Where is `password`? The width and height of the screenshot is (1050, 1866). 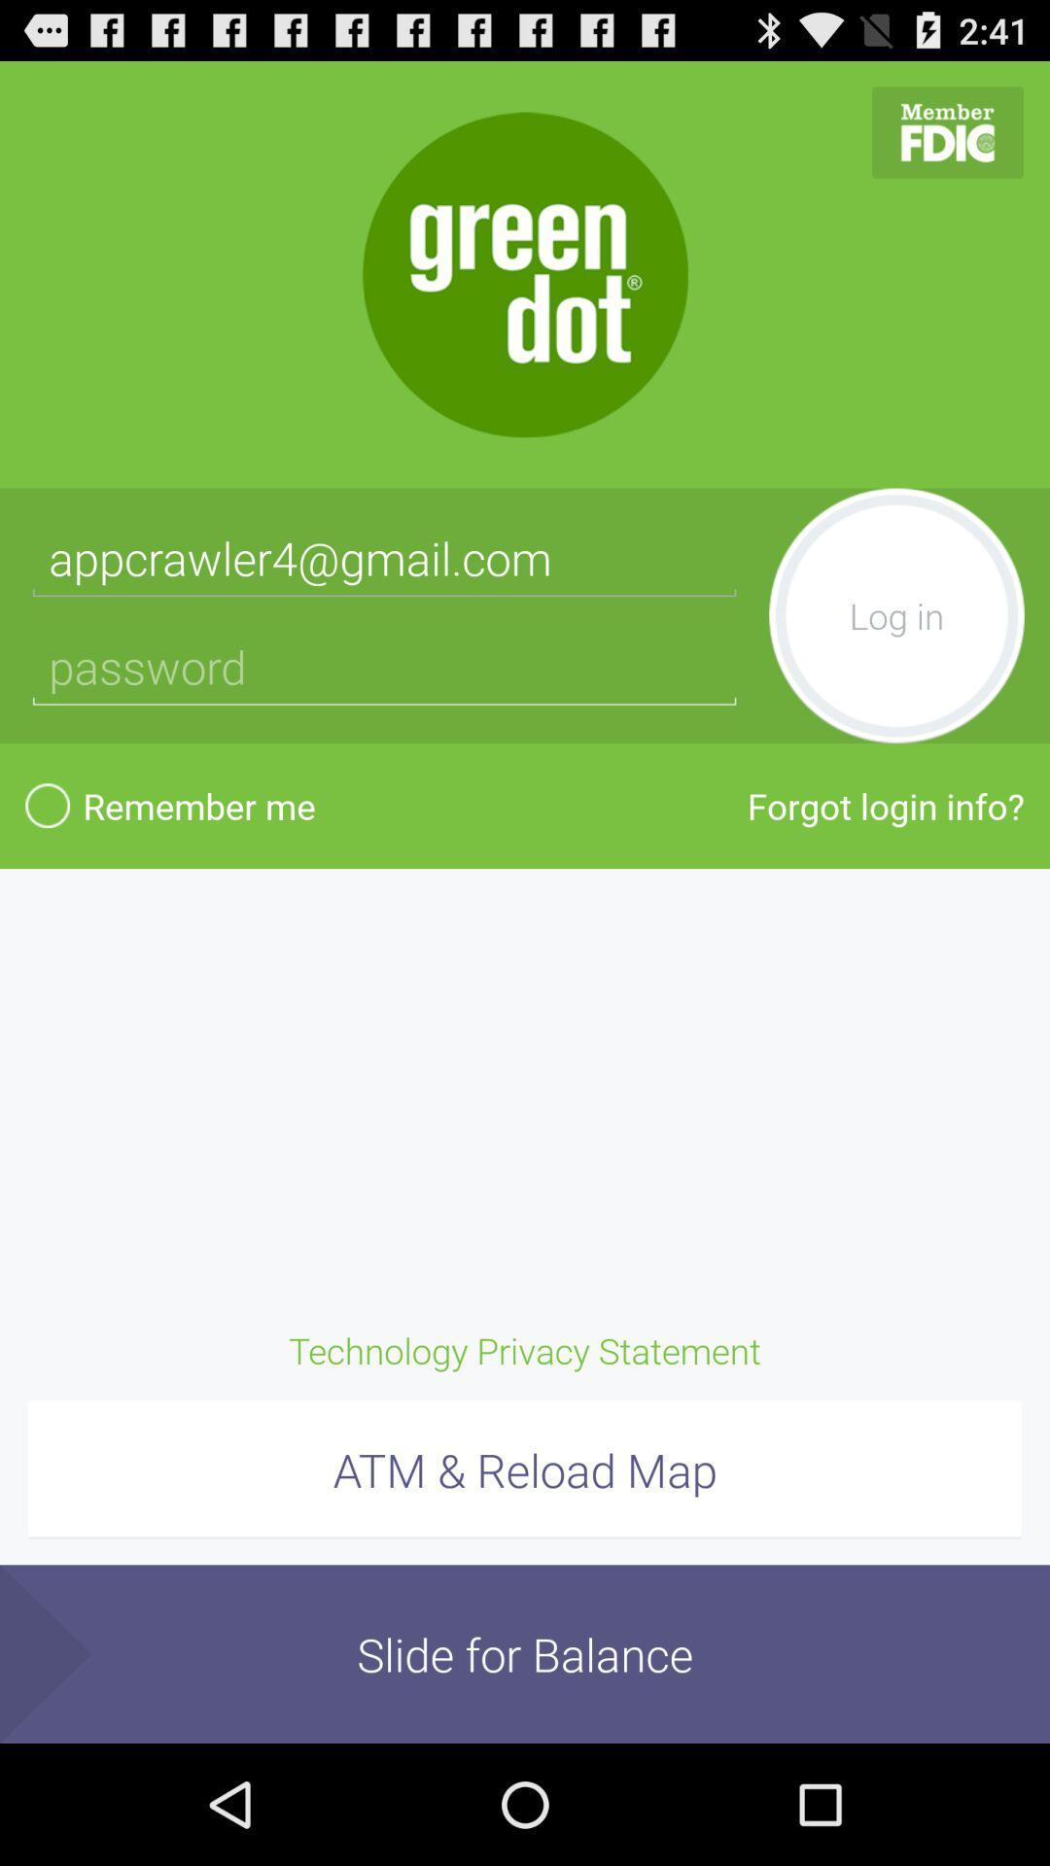
password is located at coordinates (384, 667).